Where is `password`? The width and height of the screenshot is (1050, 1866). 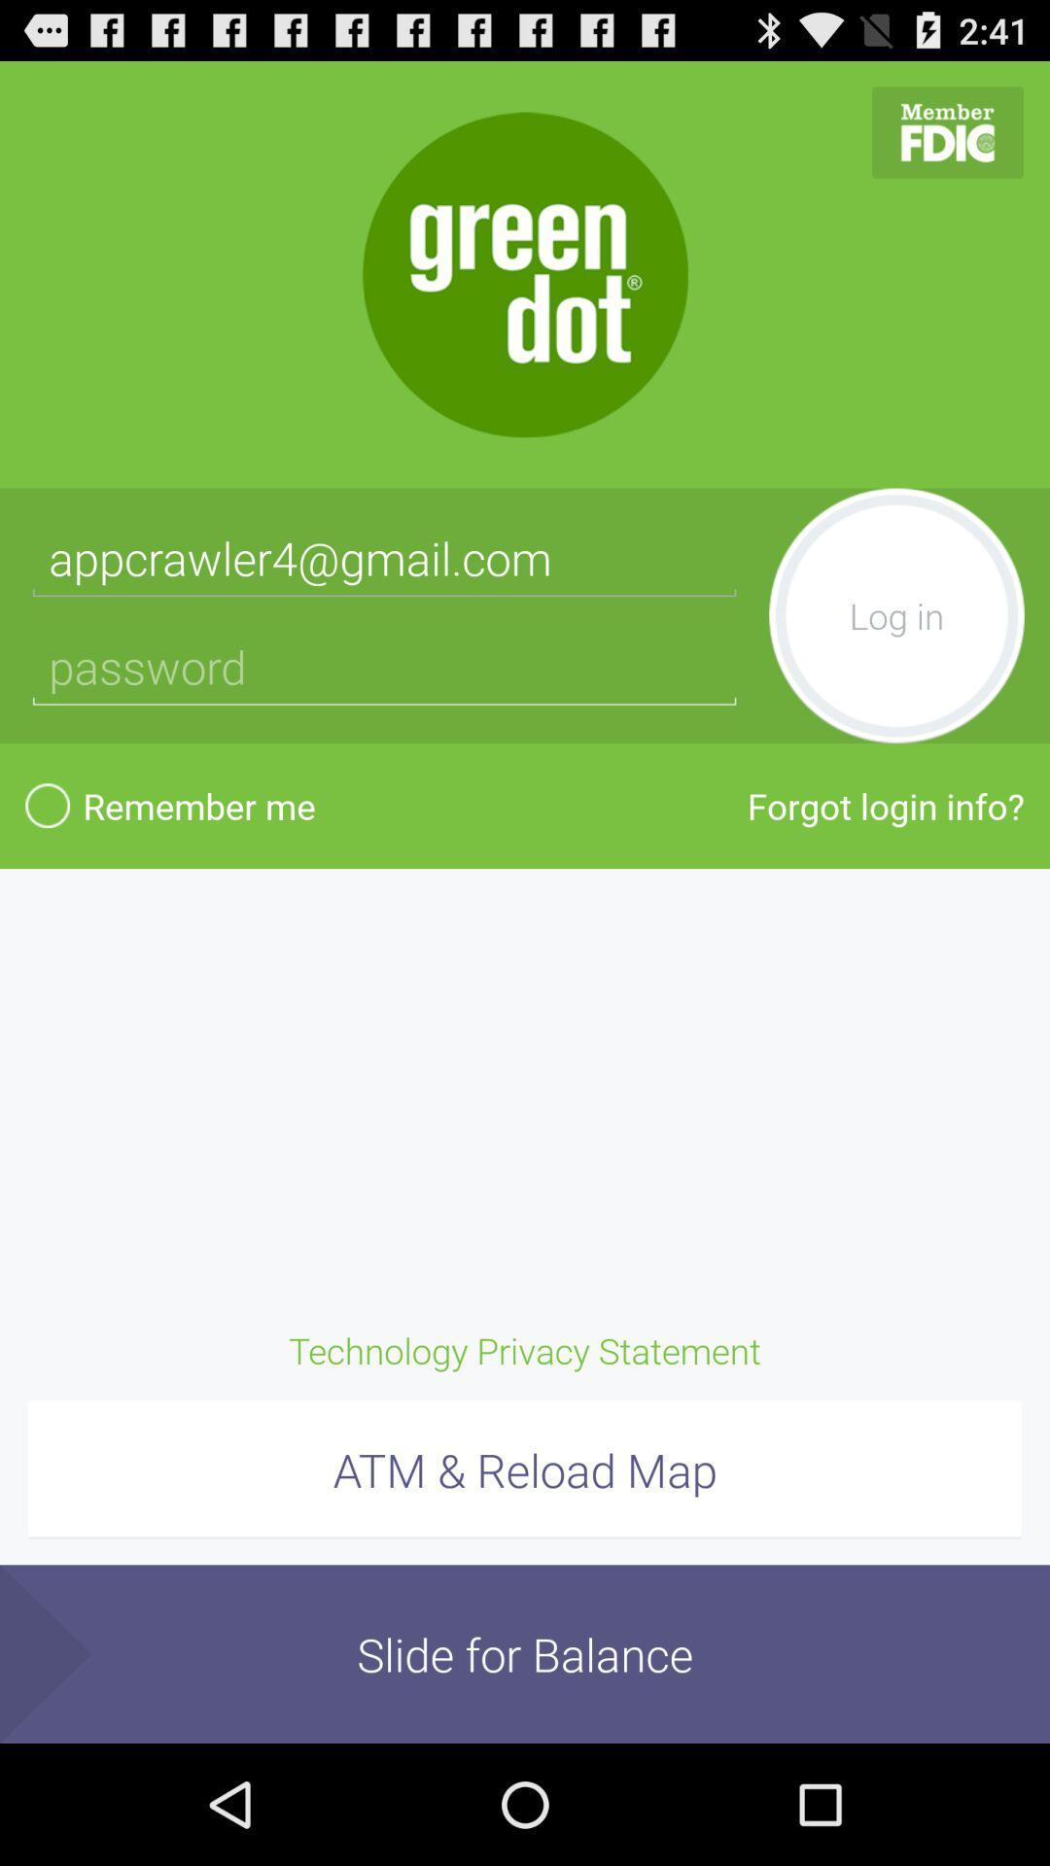
password is located at coordinates (384, 667).